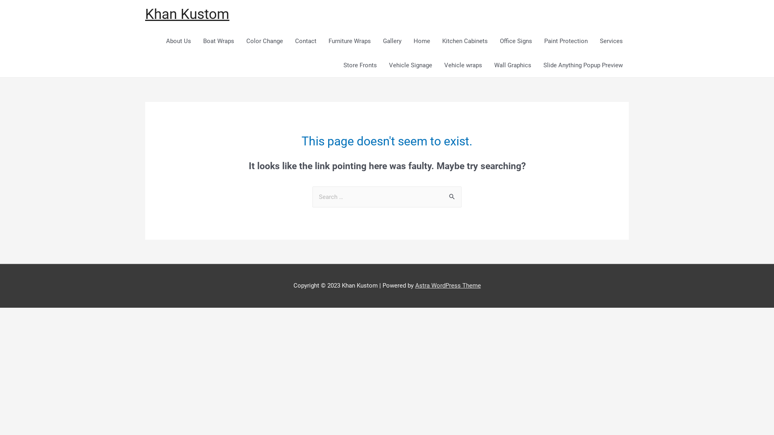 The width and height of the screenshot is (774, 435). I want to click on 'Search', so click(452, 195).